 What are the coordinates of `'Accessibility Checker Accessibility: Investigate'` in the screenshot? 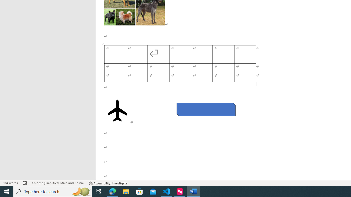 It's located at (108, 183).